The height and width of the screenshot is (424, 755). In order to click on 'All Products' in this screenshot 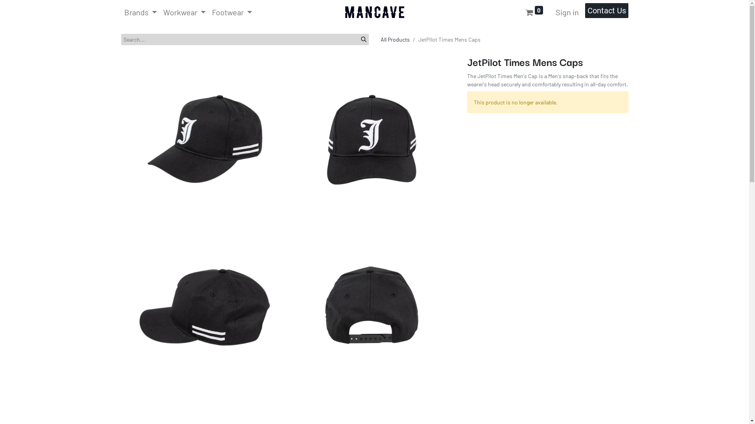, I will do `click(381, 39)`.